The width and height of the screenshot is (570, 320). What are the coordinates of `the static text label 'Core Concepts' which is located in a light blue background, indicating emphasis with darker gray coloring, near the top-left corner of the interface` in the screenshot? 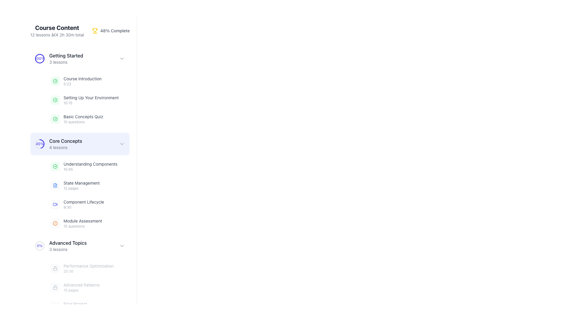 It's located at (66, 141).